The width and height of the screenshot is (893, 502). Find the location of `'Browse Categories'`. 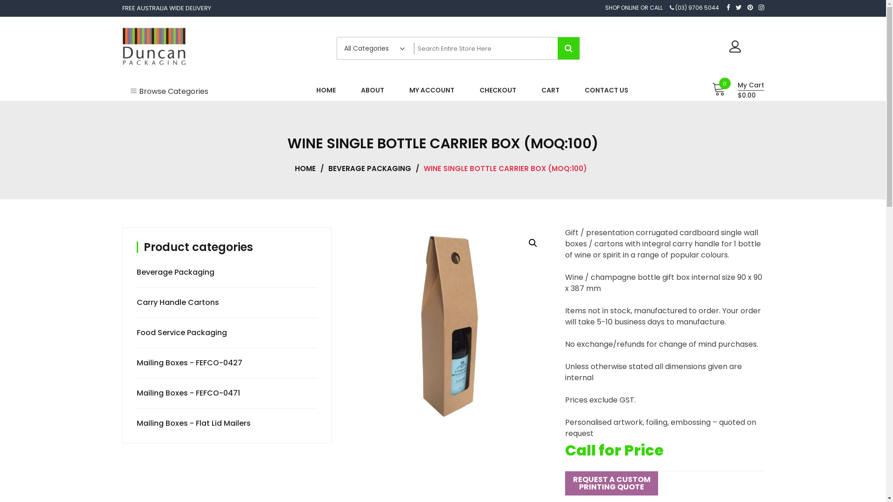

'Browse Categories' is located at coordinates (121, 90).